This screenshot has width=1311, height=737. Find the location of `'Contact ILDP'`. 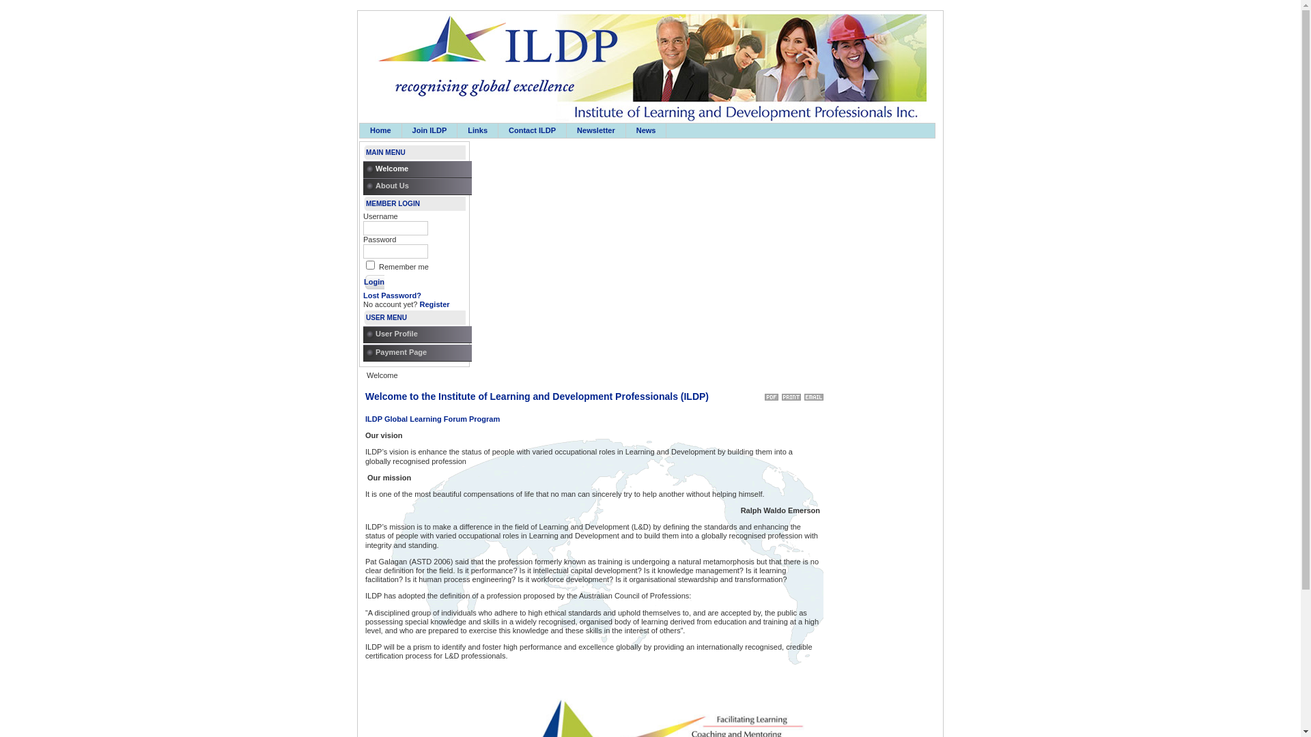

'Contact ILDP' is located at coordinates (531, 130).